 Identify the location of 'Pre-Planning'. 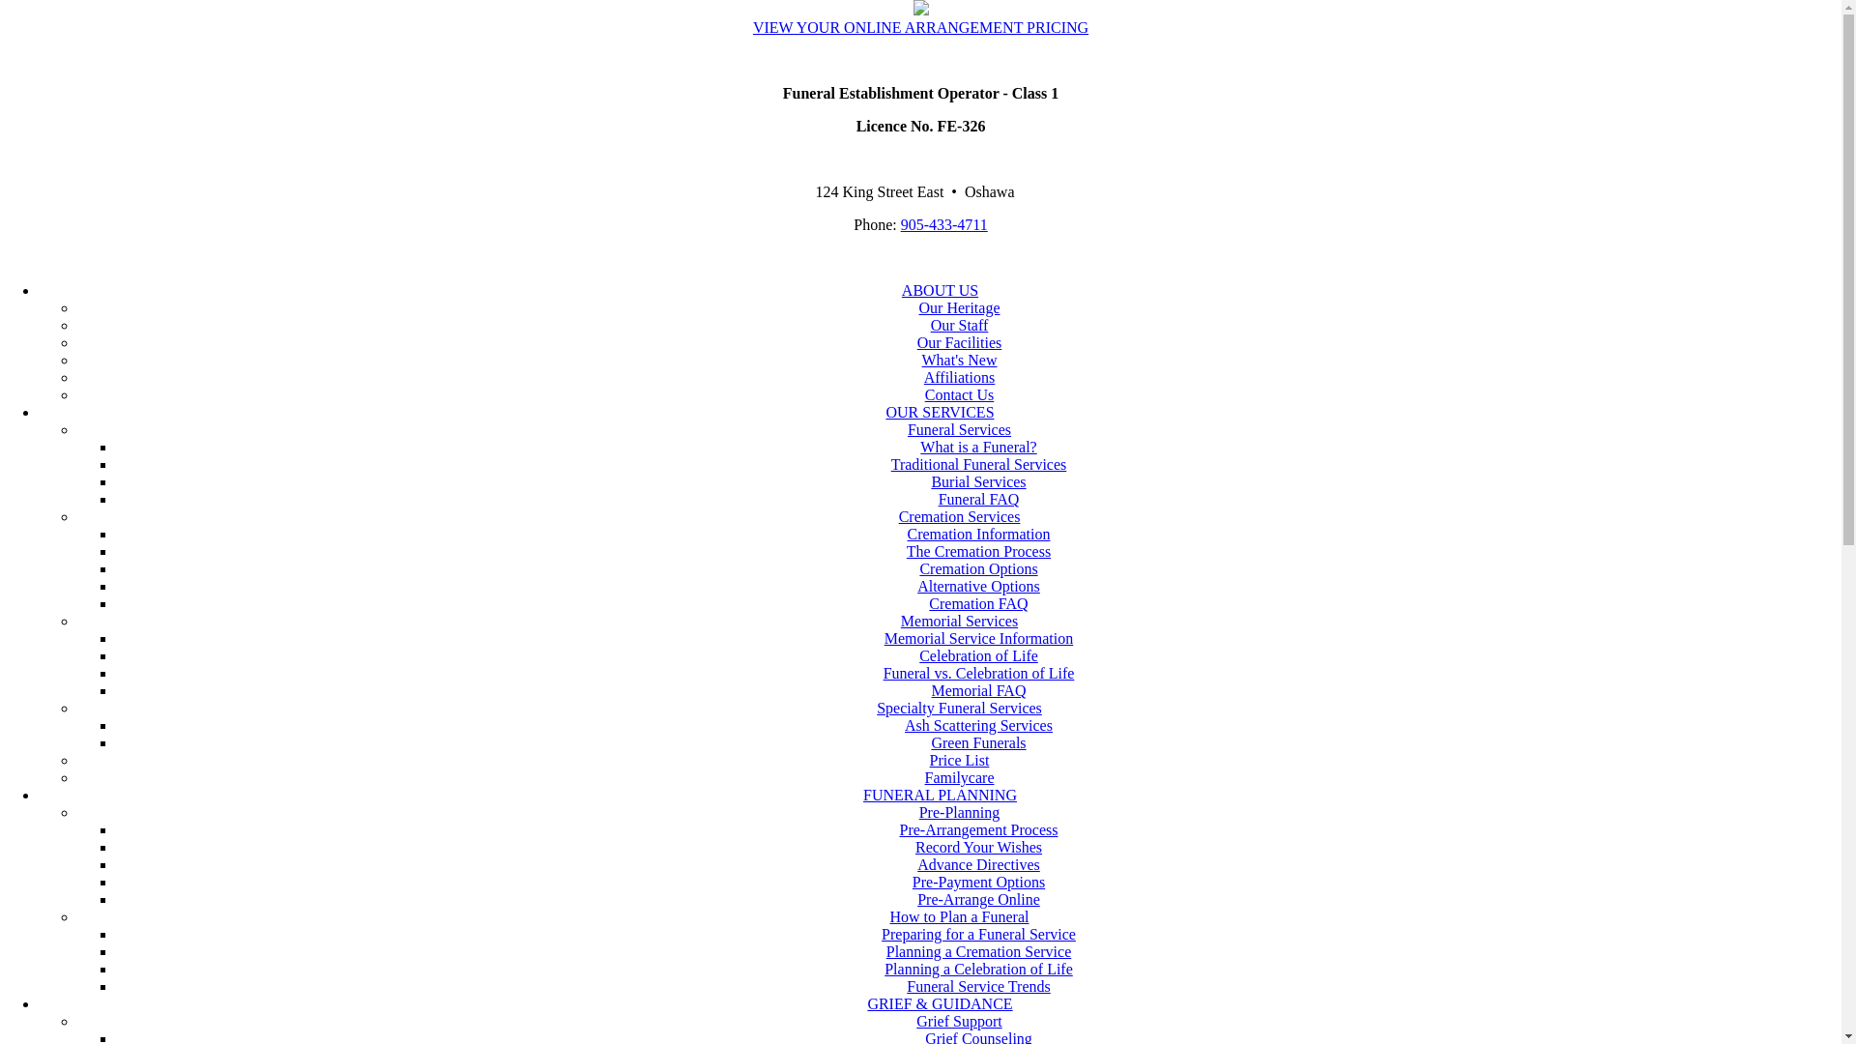
(960, 812).